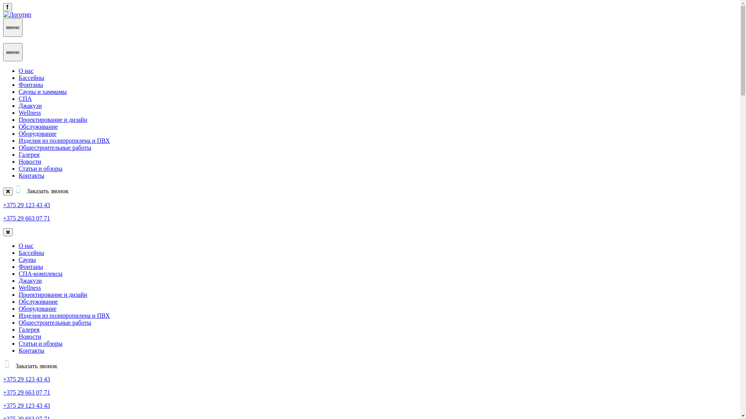 The height and width of the screenshot is (419, 746). I want to click on '+375 29 123 43 43', so click(26, 204).